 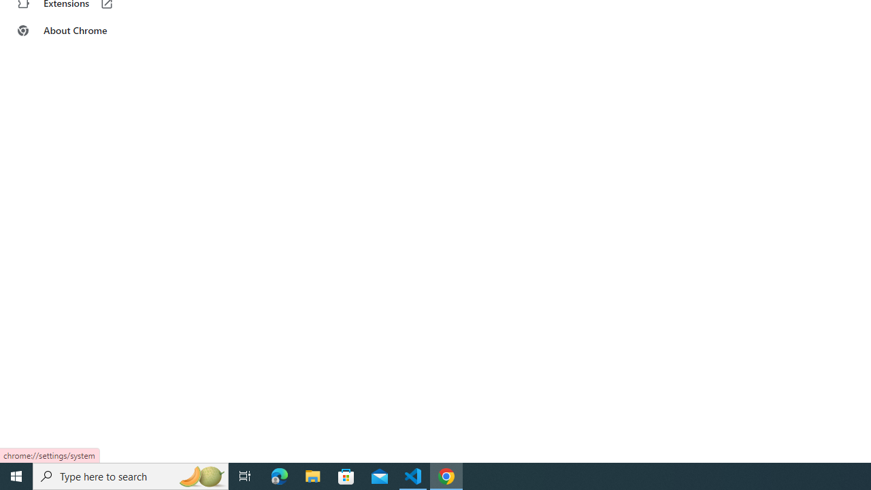 I want to click on 'About Chrome', so click(x=84, y=31).